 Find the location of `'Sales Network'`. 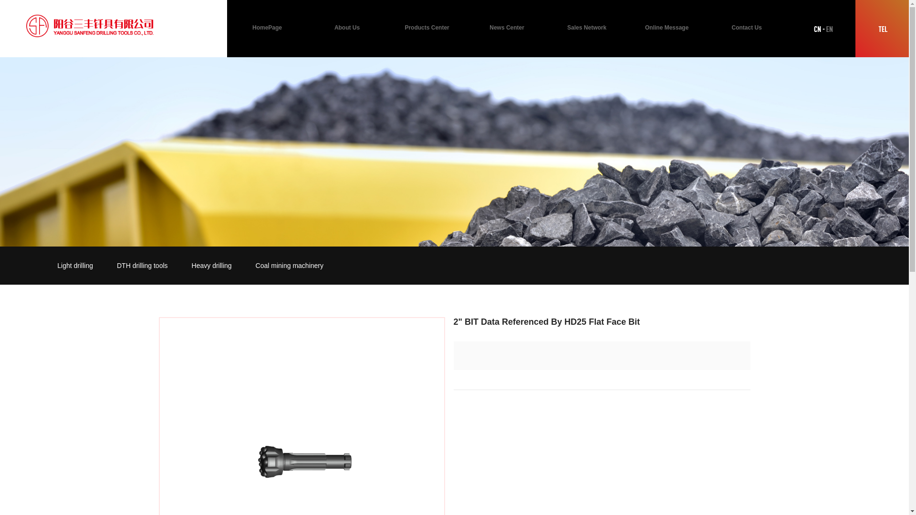

'Sales Network' is located at coordinates (586, 27).